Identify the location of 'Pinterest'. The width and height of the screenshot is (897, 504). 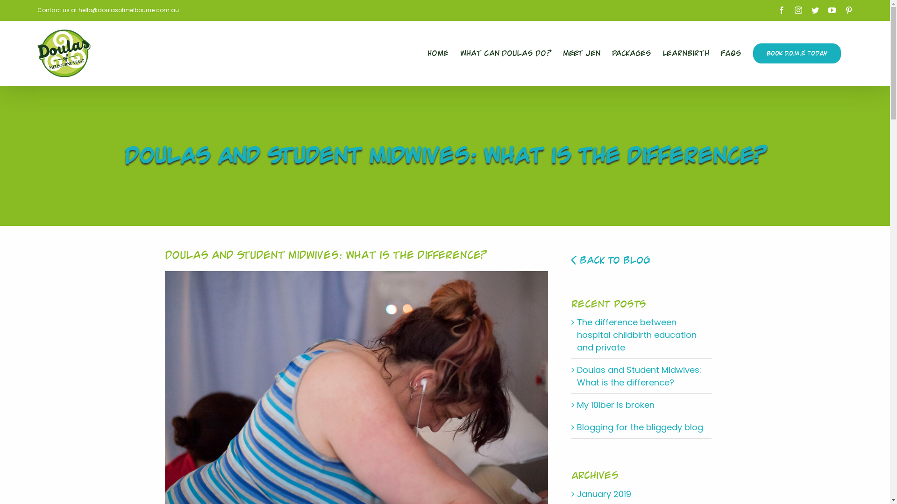
(845, 10).